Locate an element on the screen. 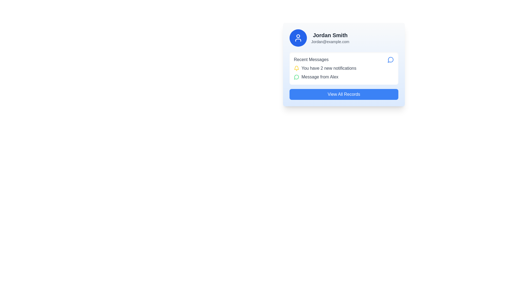  the non-interactive text label located in the top-right region of the interface, which serves as a heading for recent messages is located at coordinates (311, 59).